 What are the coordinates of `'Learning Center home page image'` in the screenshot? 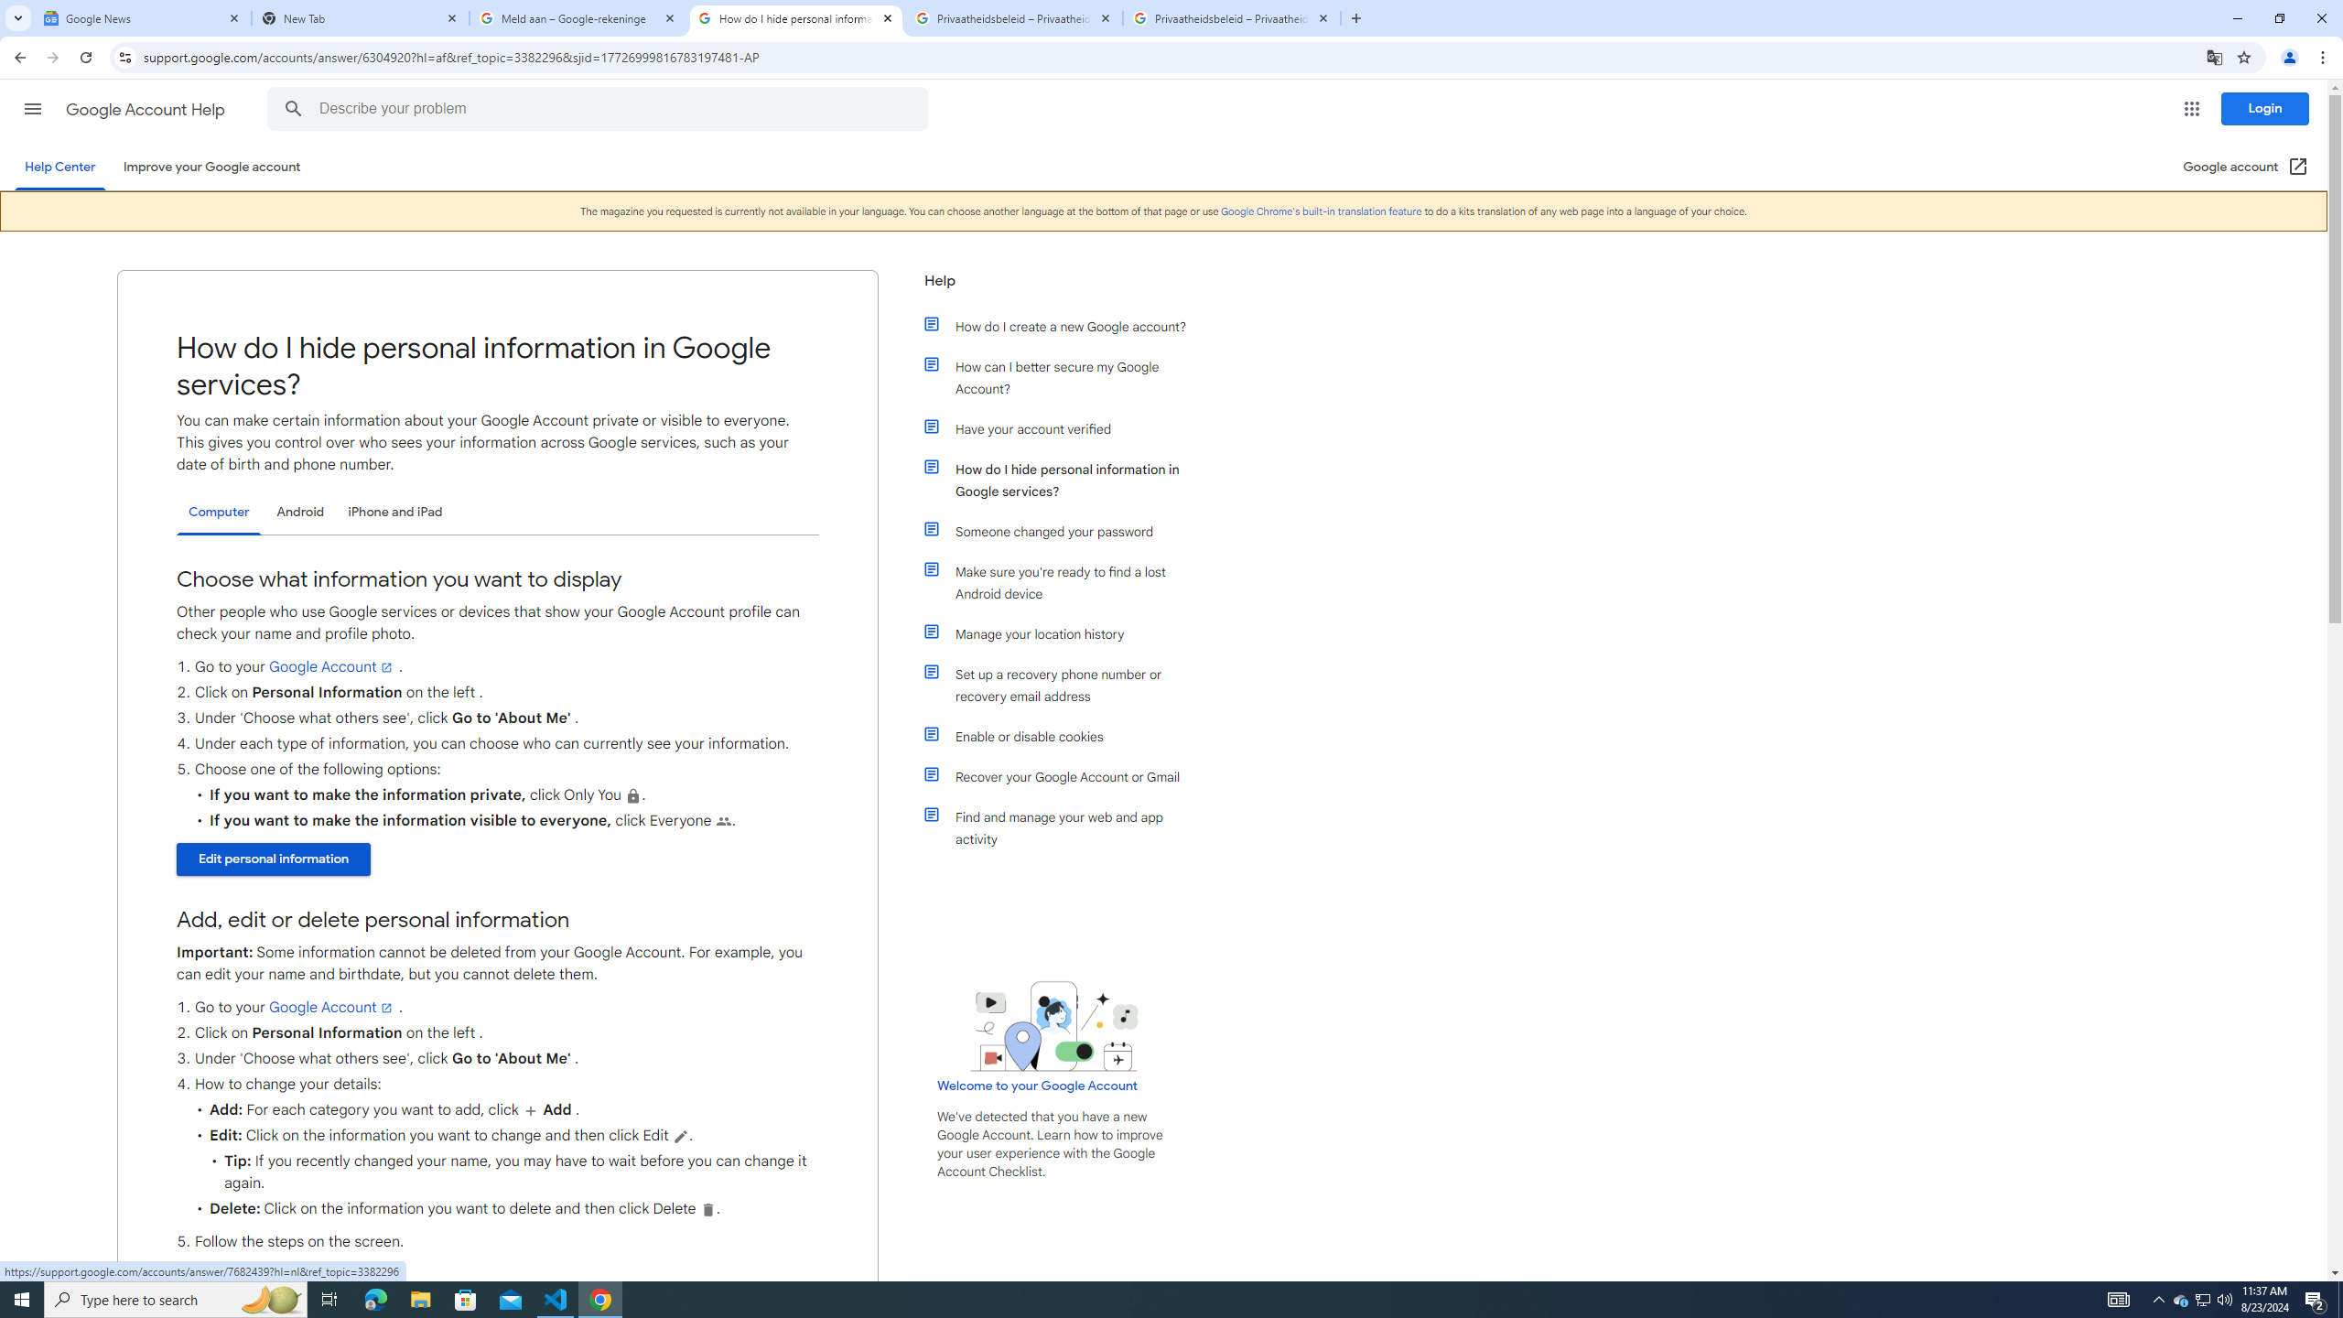 It's located at (1053, 1026).